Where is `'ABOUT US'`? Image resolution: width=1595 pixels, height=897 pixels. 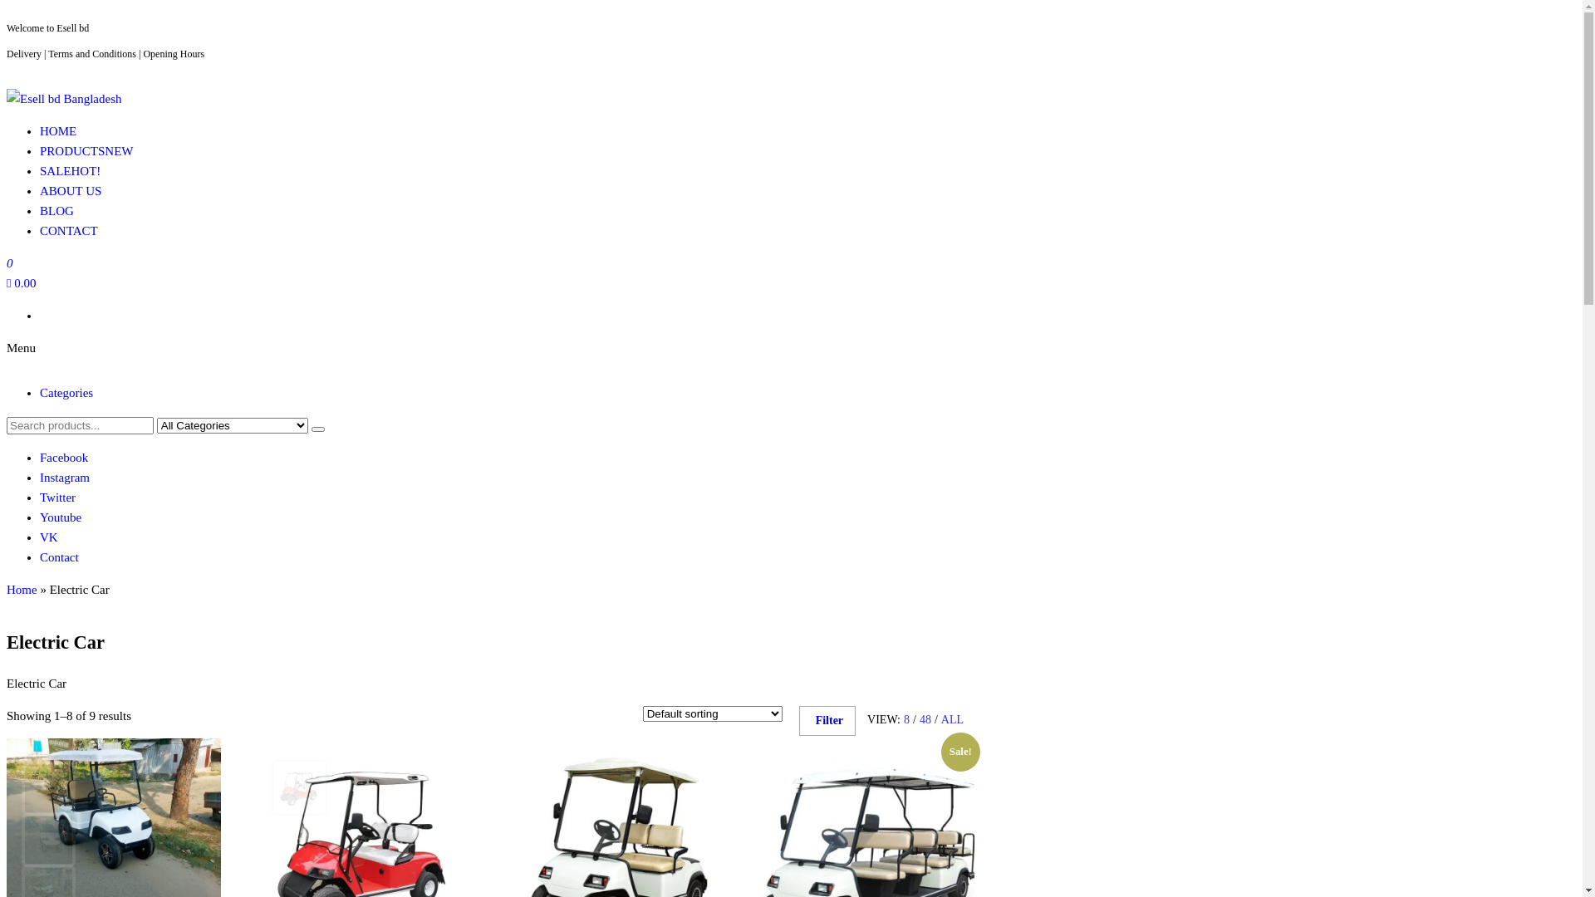
'ABOUT US' is located at coordinates (70, 190).